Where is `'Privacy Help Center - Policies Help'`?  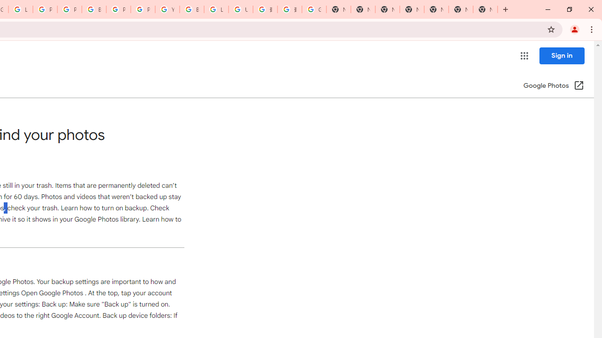
'Privacy Help Center - Policies Help' is located at coordinates (69, 9).